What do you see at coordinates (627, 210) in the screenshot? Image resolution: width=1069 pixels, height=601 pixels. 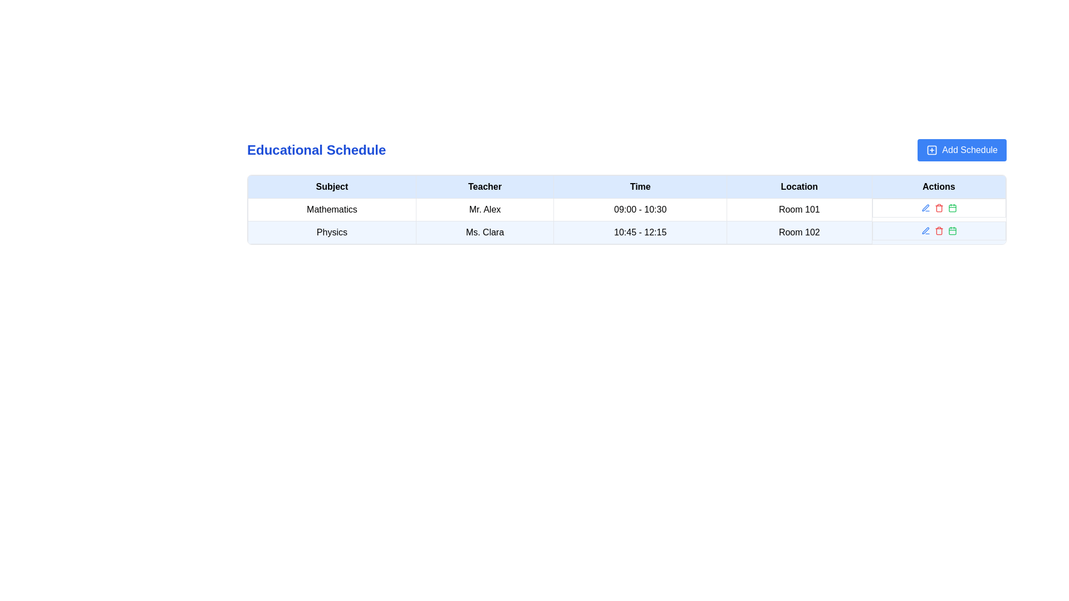 I see `the first row of the Educational Schedule table, which has a light blue background and contains columns for 'Mathematics', 'Mr. Alex', '09:00 - 10:30', and 'Room 101'` at bounding box center [627, 210].